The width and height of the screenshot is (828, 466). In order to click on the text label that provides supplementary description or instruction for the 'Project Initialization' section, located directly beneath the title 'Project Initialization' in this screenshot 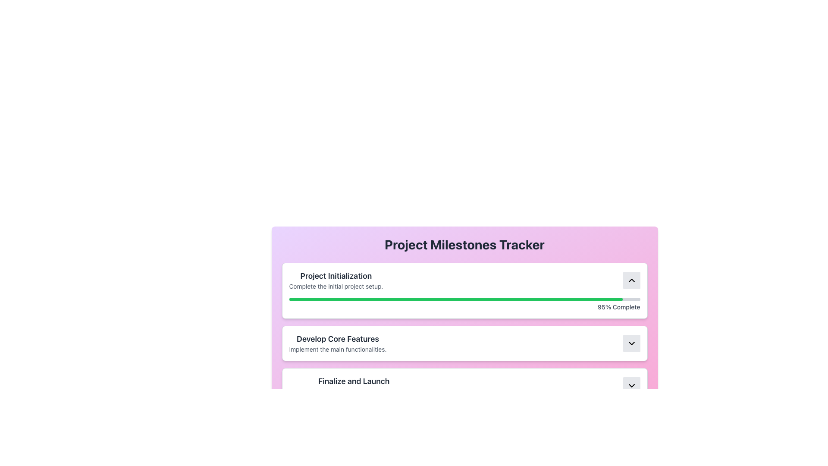, I will do `click(336, 286)`.